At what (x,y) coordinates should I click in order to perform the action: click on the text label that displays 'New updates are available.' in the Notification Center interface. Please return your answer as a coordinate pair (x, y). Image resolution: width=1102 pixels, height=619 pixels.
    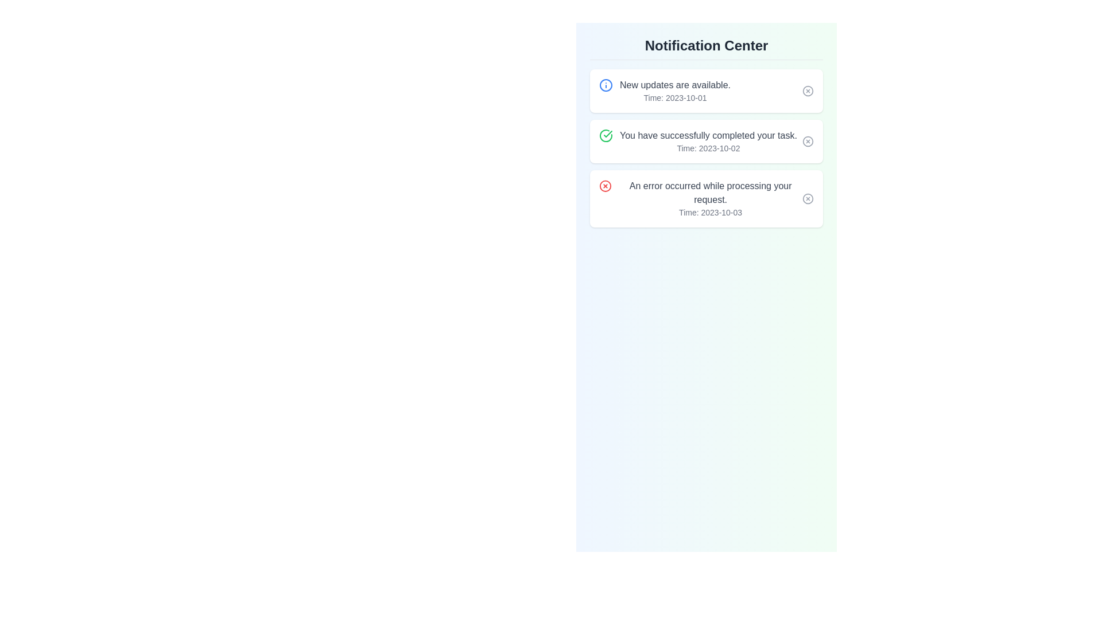
    Looking at the image, I should click on (675, 85).